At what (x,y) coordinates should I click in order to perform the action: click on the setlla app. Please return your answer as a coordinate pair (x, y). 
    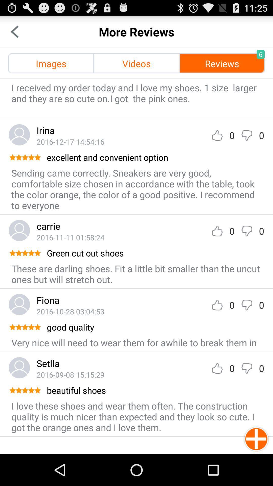
    Looking at the image, I should click on (48, 363).